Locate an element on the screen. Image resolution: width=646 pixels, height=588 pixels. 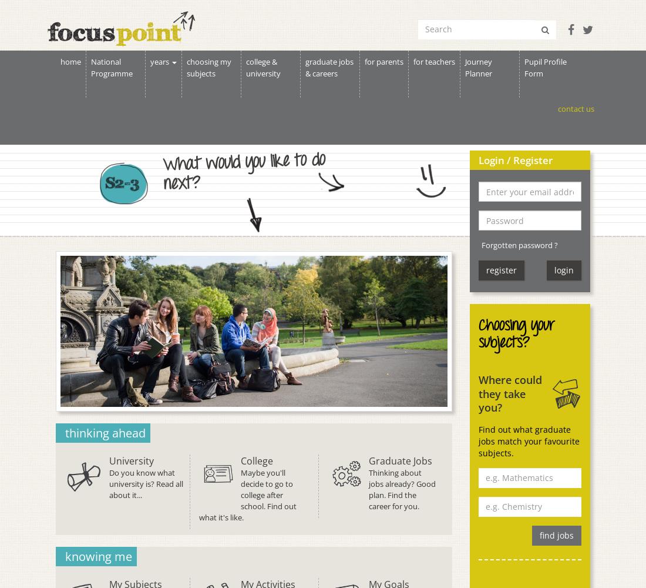
'Knowing Me' is located at coordinates (65, 555).